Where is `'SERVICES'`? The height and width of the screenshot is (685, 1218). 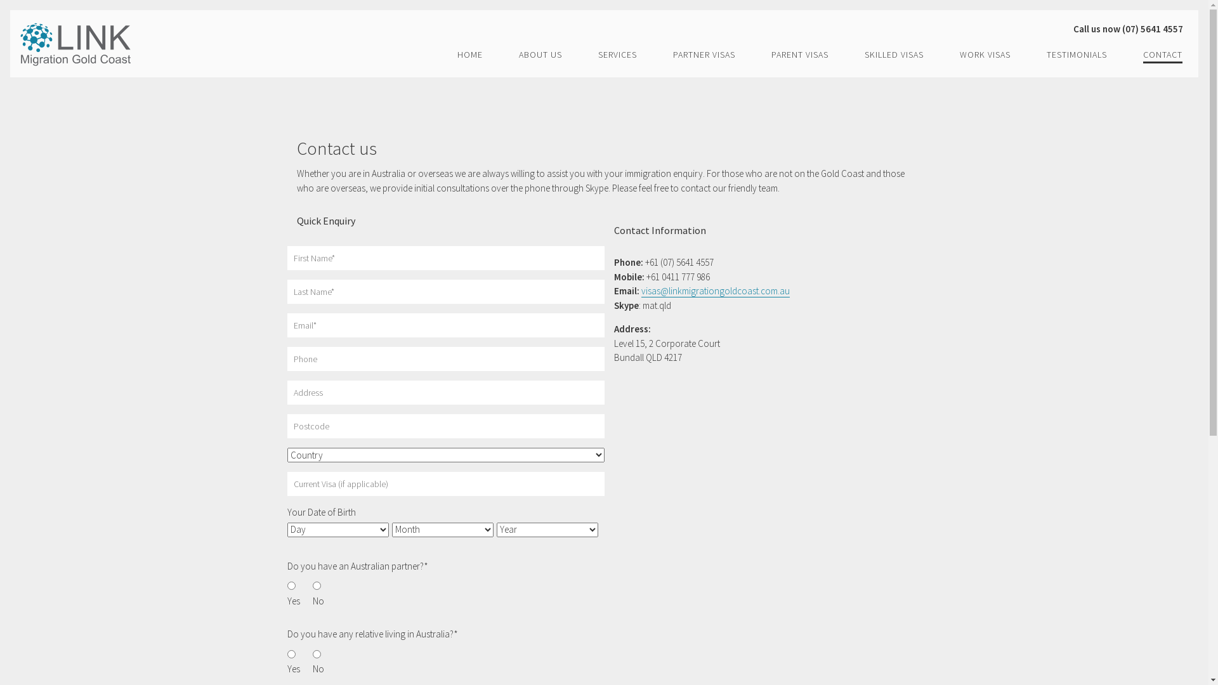
'SERVICES' is located at coordinates (617, 55).